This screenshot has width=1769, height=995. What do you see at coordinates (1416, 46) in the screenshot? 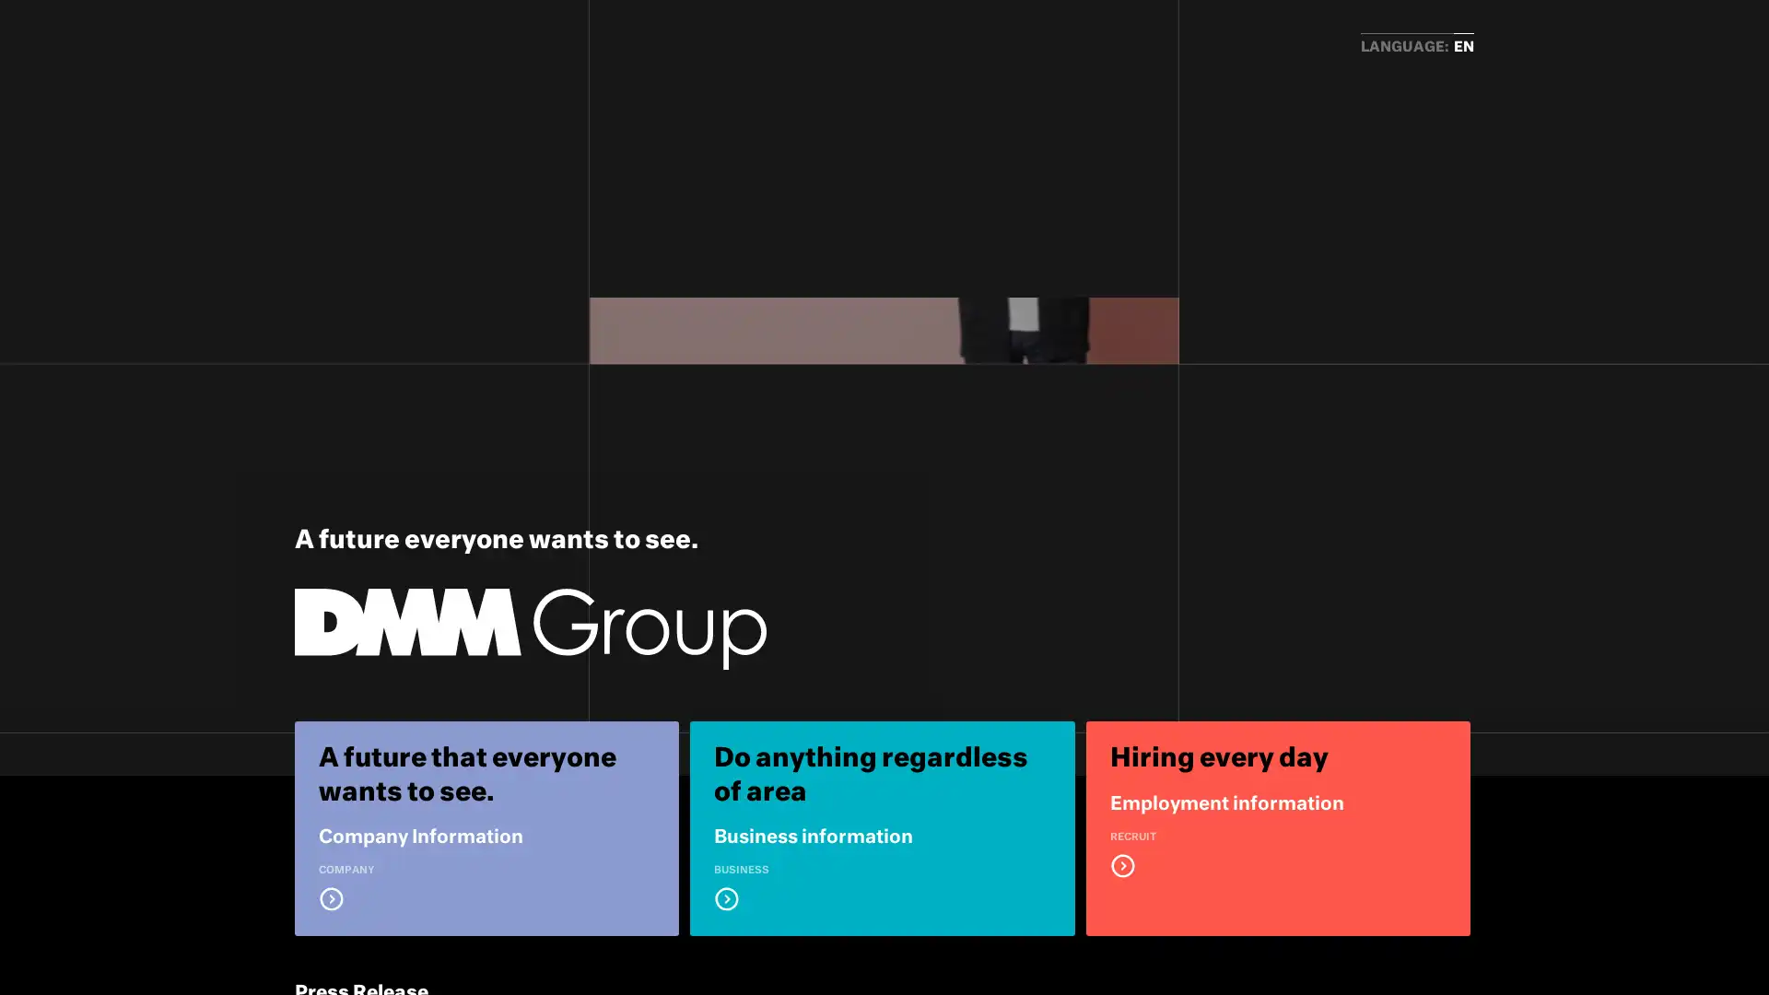
I see `LANGUAGE:EN` at bounding box center [1416, 46].